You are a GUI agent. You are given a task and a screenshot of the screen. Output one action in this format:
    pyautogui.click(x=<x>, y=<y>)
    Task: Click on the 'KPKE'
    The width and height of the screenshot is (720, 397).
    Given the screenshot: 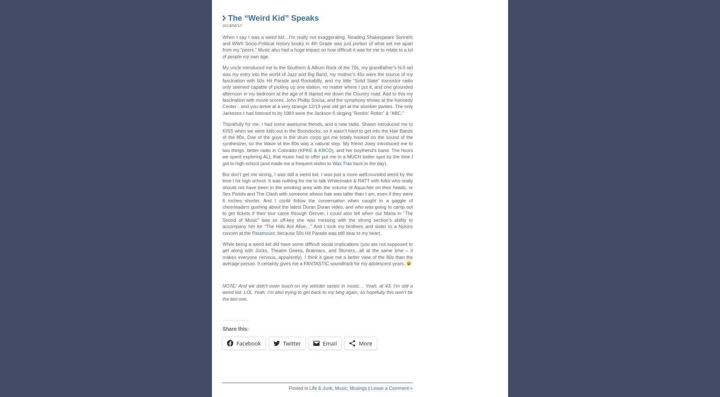 What is the action you would take?
    pyautogui.click(x=305, y=150)
    